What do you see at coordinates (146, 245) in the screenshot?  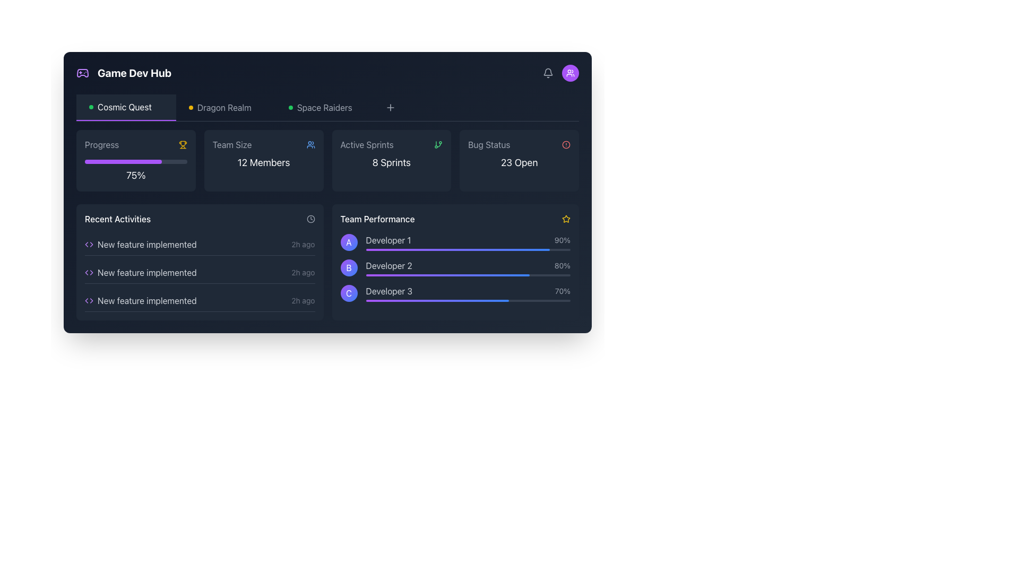 I see `text label that says 'New feature implemented', which is styled in gray and located within the 'Recent Activities' section, next to a small purple icon resembling code brackets` at bounding box center [146, 245].